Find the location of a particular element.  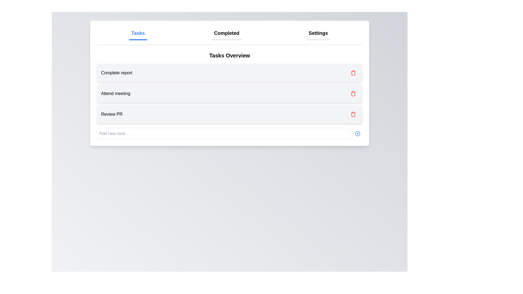

the delete button for the task 'Complete report' to possibly see a tooltip is located at coordinates (353, 72).